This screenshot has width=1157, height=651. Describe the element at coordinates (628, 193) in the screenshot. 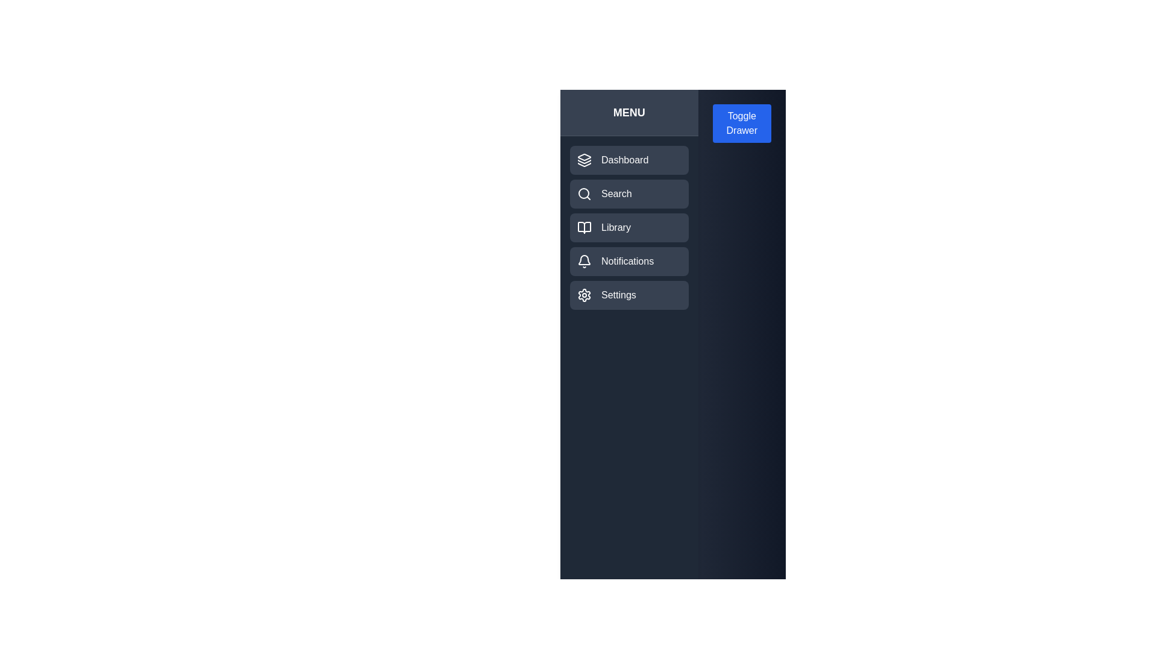

I see `the menu item labeled Search` at that location.